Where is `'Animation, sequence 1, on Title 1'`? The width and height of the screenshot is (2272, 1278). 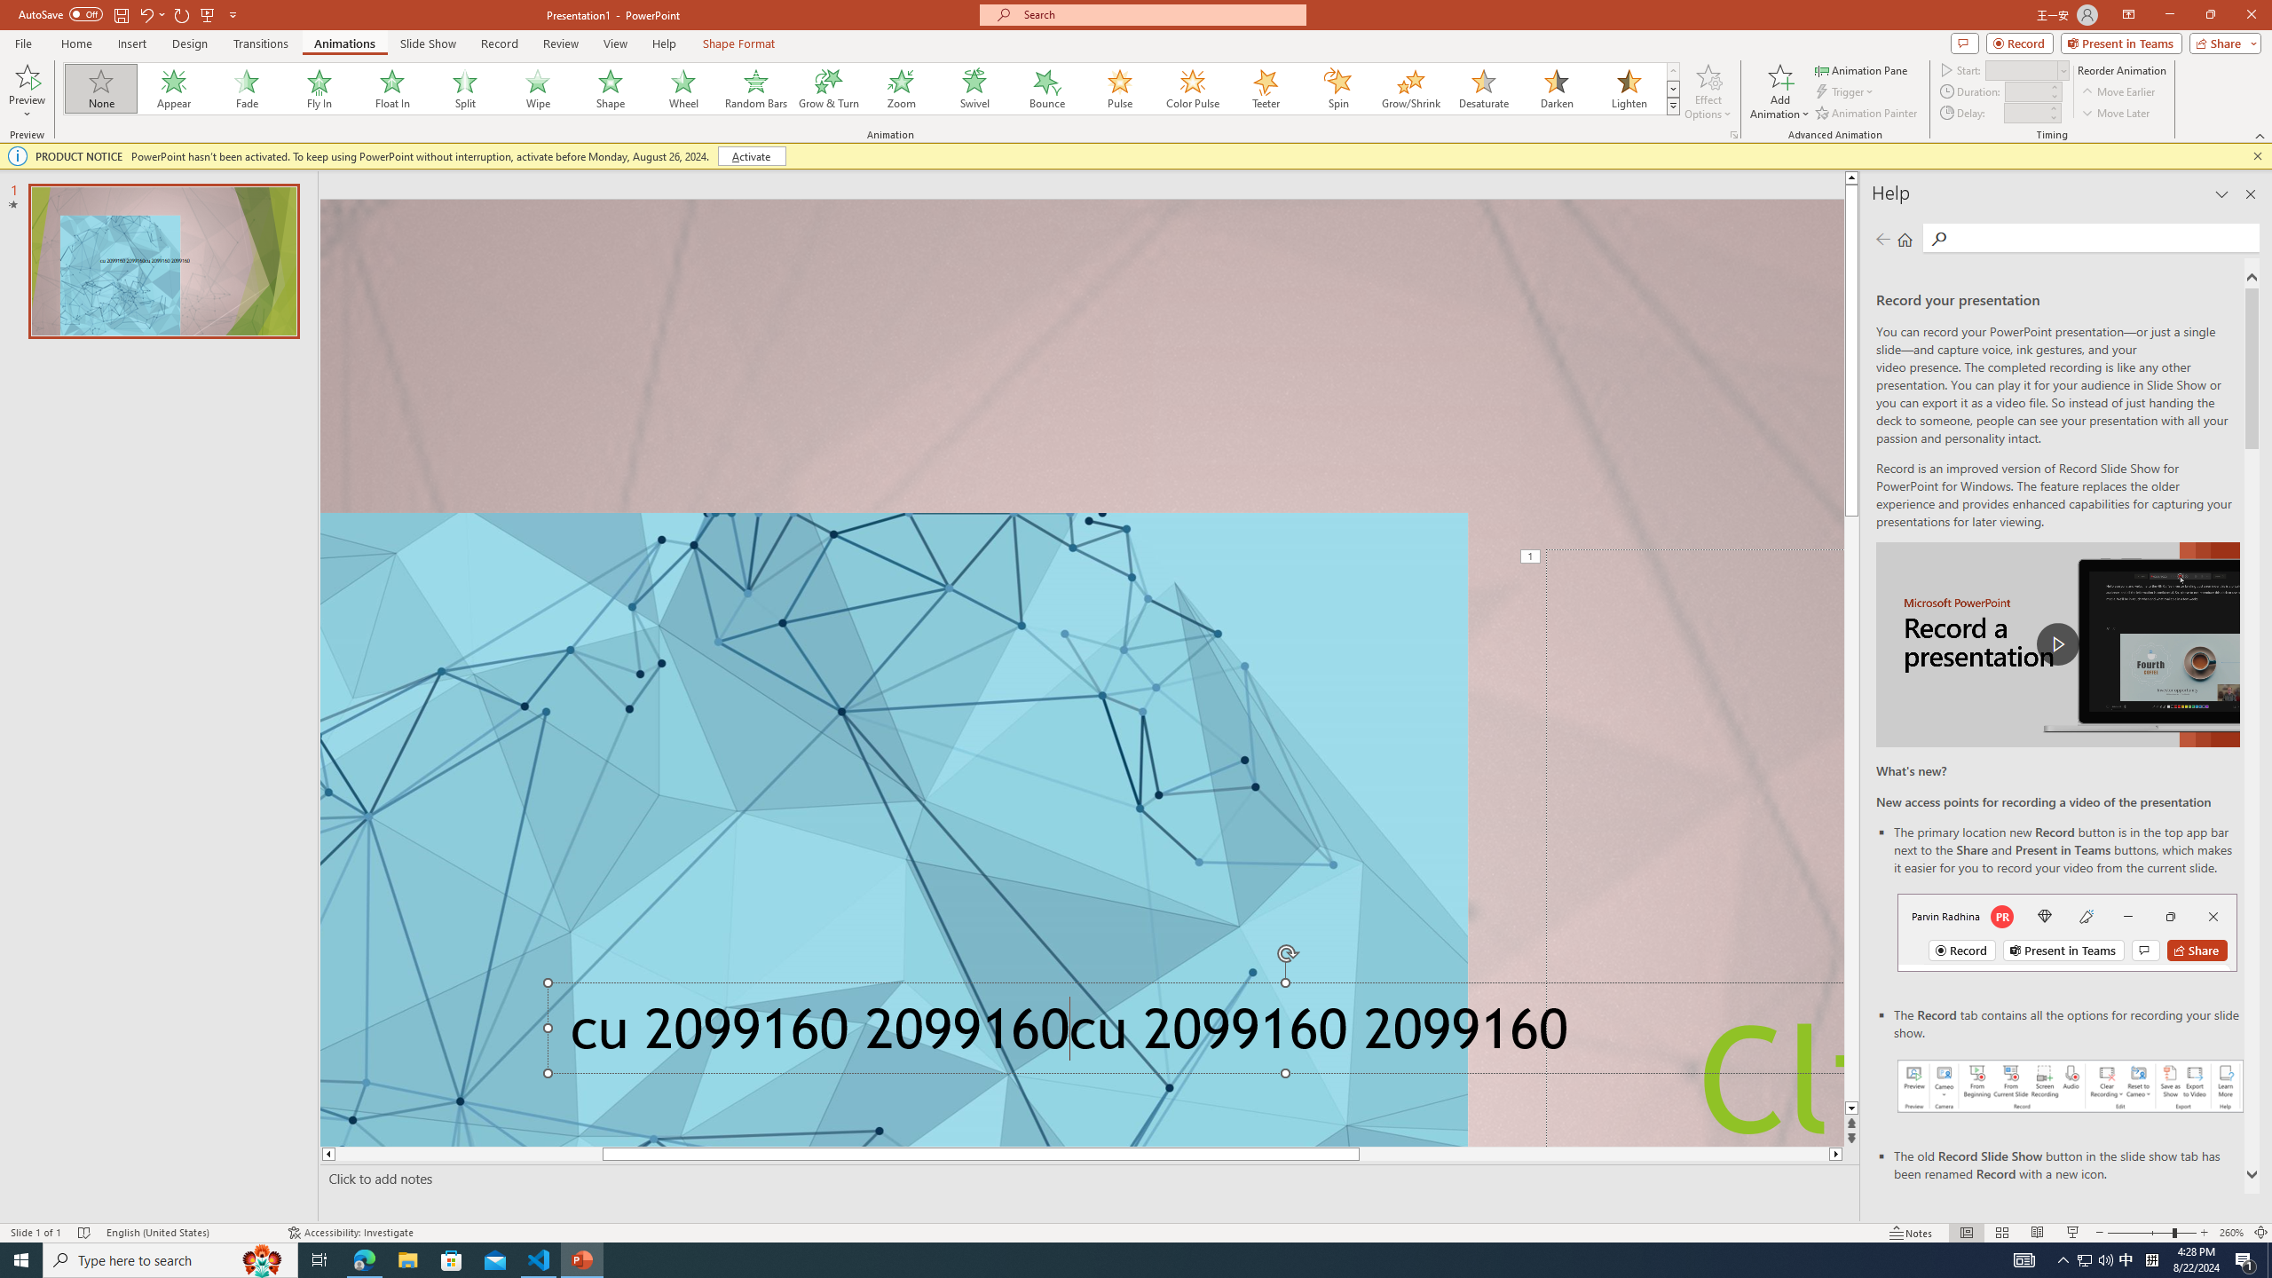 'Animation, sequence 1, on Title 1' is located at coordinates (1530, 557).